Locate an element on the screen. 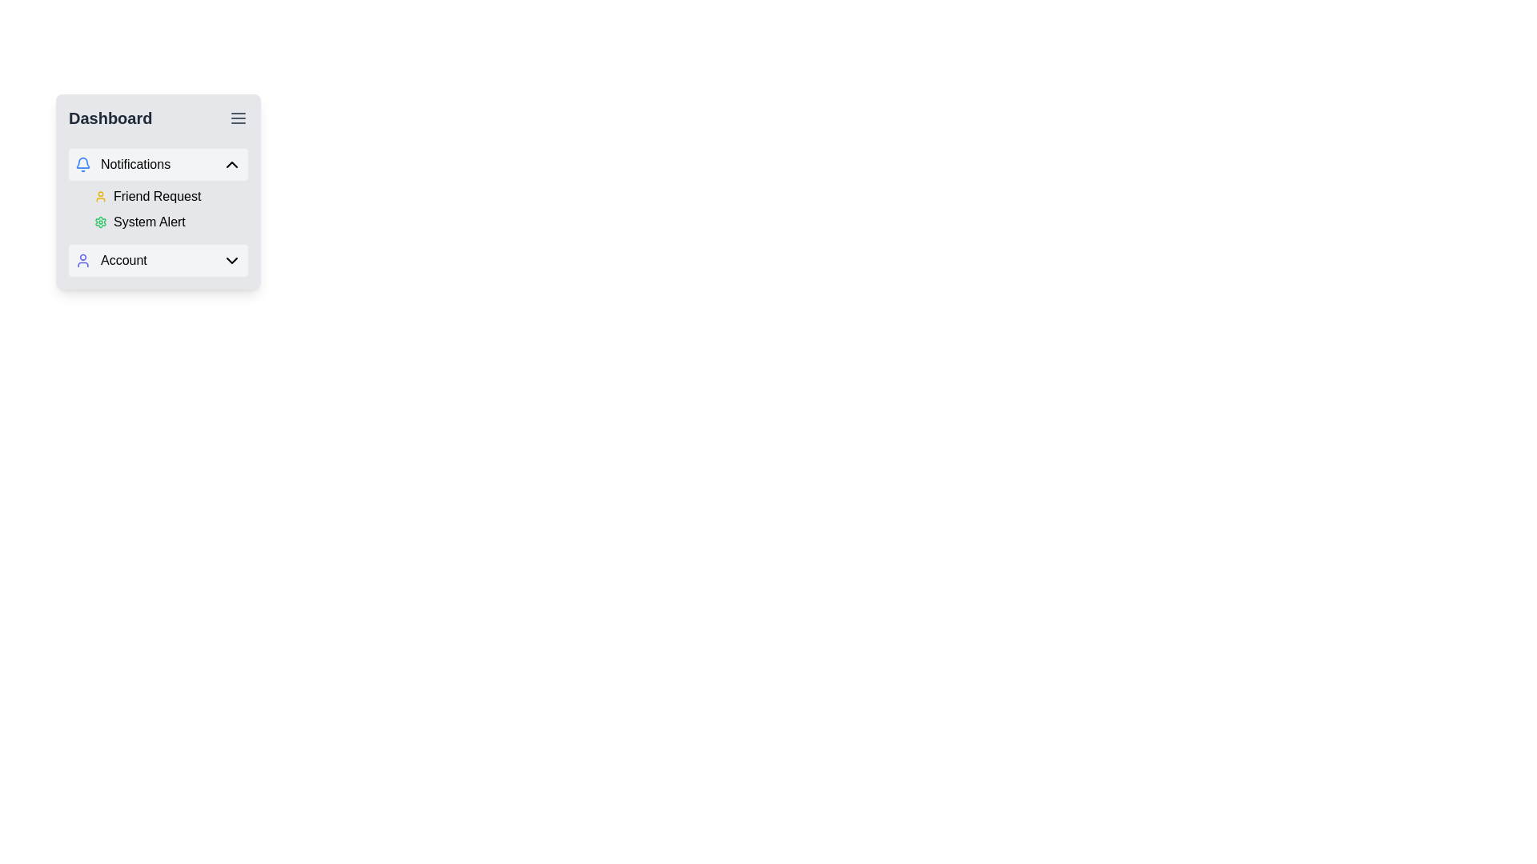 The width and height of the screenshot is (1537, 864). the Label with Icon located in the sidebar menu under the 'Notifications' section is located at coordinates (171, 222).